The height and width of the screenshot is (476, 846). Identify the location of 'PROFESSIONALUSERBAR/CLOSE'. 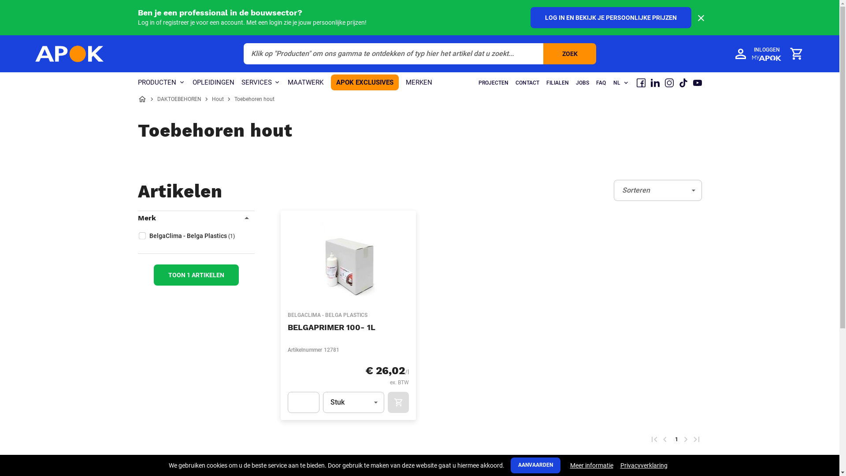
(700, 18).